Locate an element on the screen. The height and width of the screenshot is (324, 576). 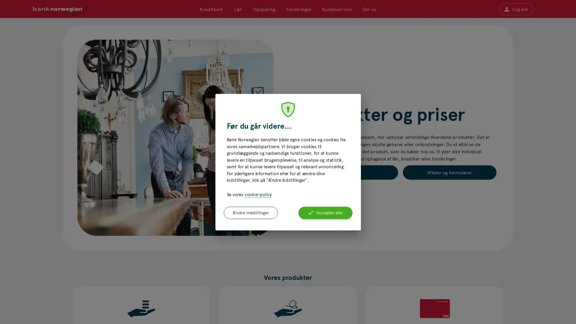
Log ind is located at coordinates (515, 9).